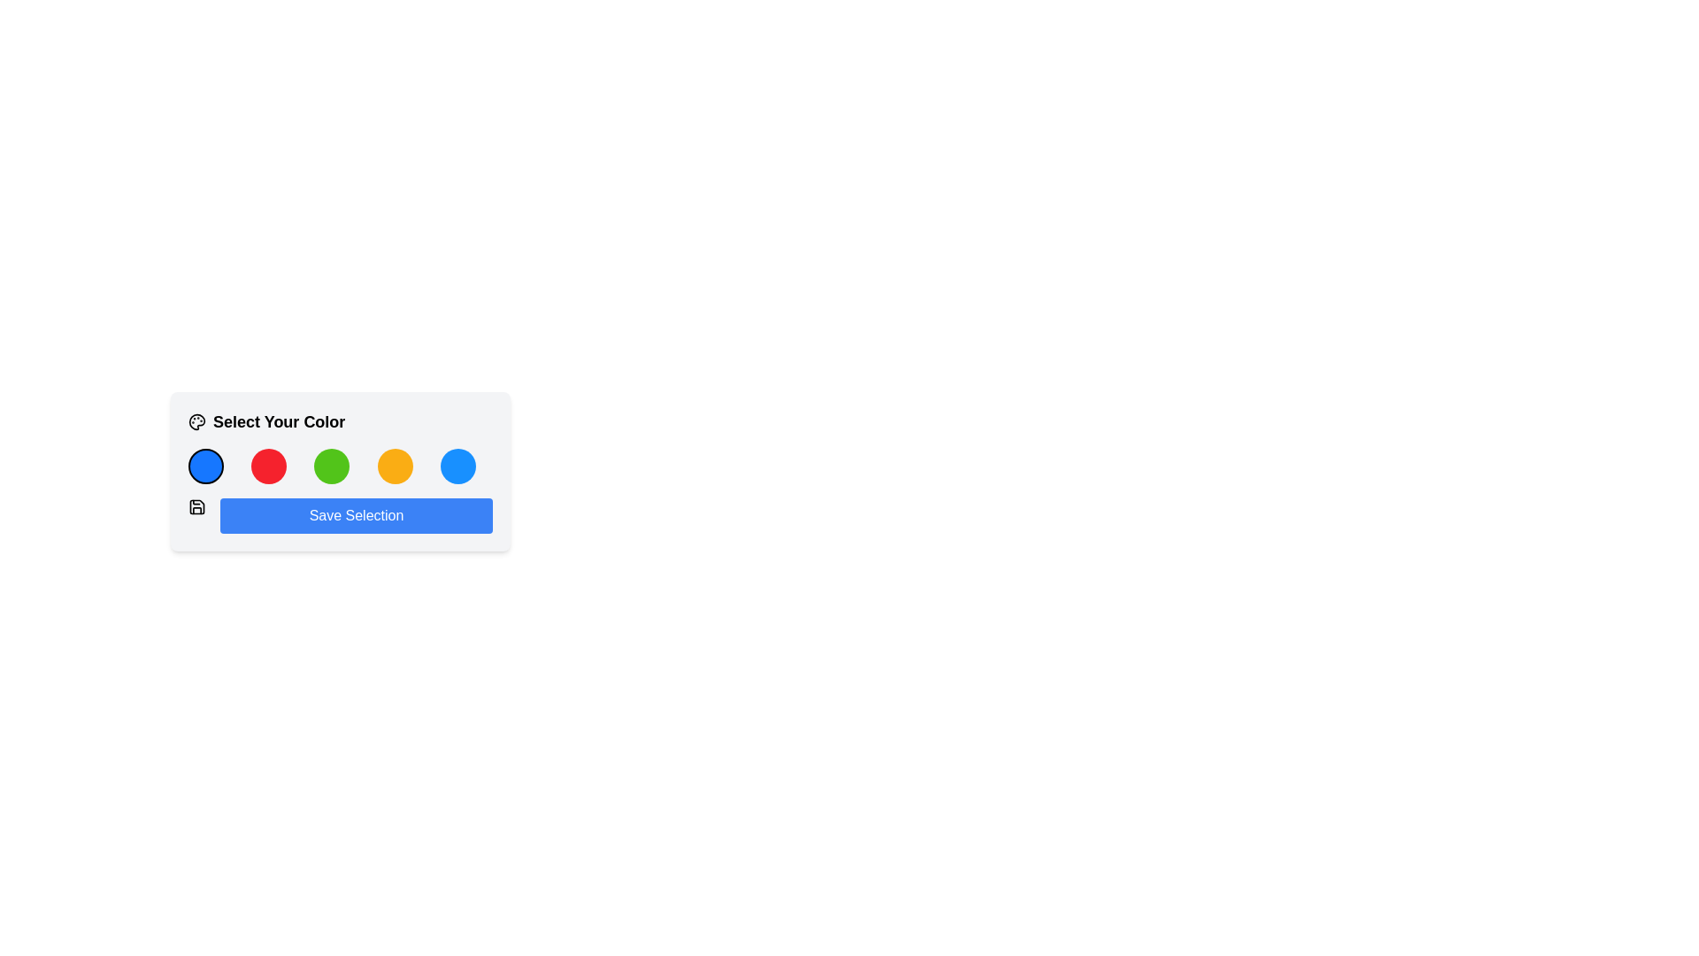 The image size is (1699, 956). I want to click on the save button located centrally below the color selection grid to observe the hover effect, so click(340, 491).